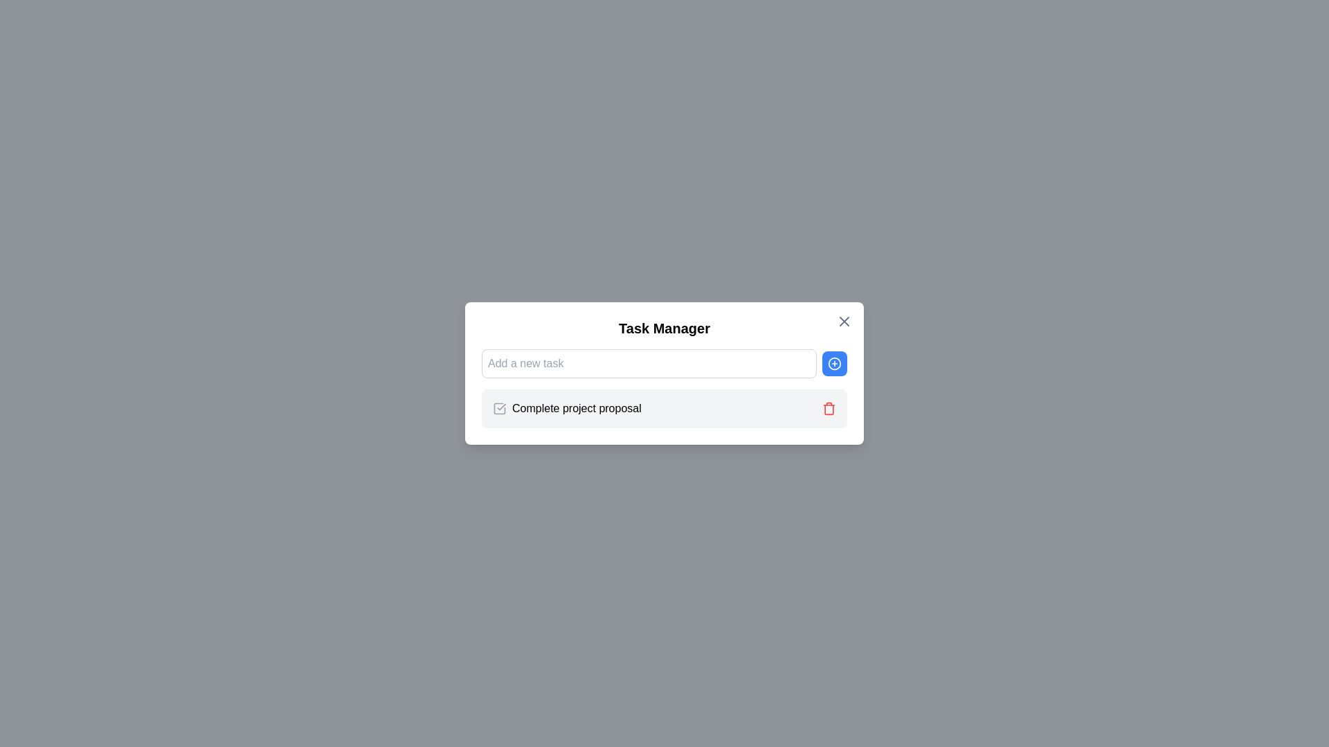 The height and width of the screenshot is (747, 1329). Describe the element at coordinates (829, 408) in the screenshot. I see `the central rectangle of the trash can icon` at that location.